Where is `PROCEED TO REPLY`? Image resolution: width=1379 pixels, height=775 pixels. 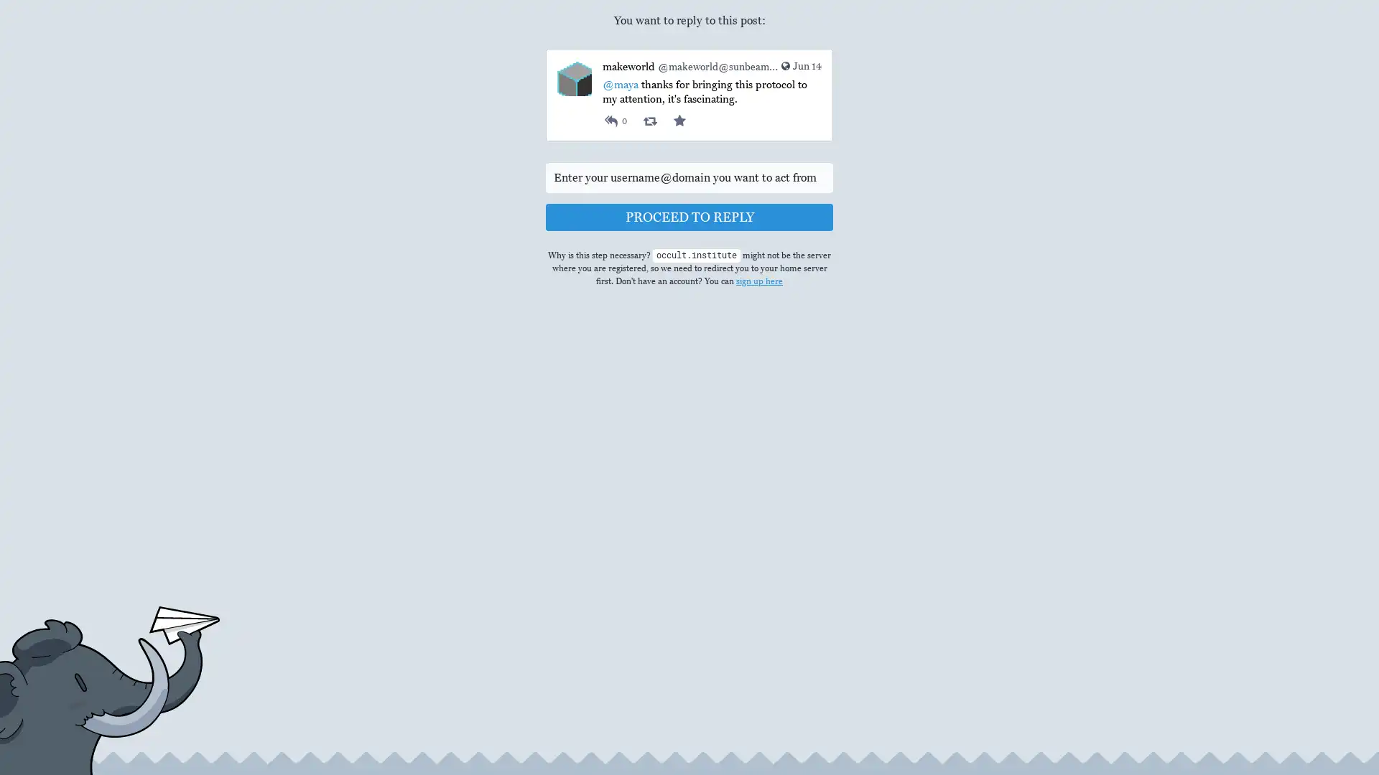 PROCEED TO REPLY is located at coordinates (689, 217).